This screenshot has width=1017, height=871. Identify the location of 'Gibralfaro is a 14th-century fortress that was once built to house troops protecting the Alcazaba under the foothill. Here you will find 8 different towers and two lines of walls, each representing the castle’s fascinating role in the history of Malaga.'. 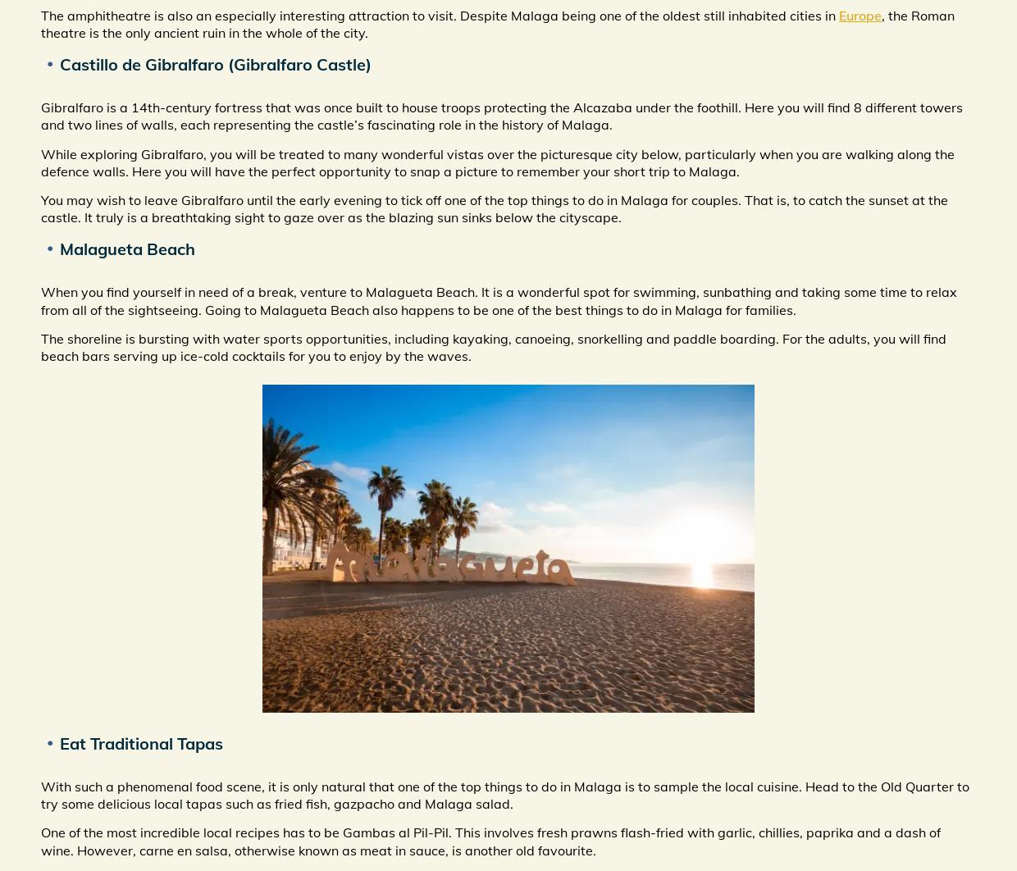
(501, 116).